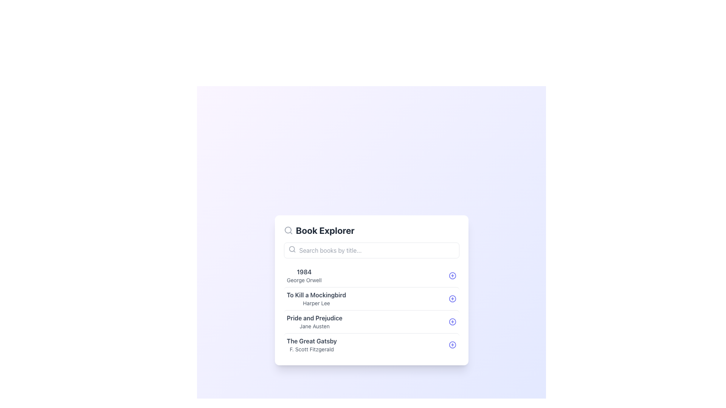  I want to click on the circular indigo button with a plus sign (+) located to the right of 'To Kill a Mockingbird' by 'Harper Lee', so click(452, 298).